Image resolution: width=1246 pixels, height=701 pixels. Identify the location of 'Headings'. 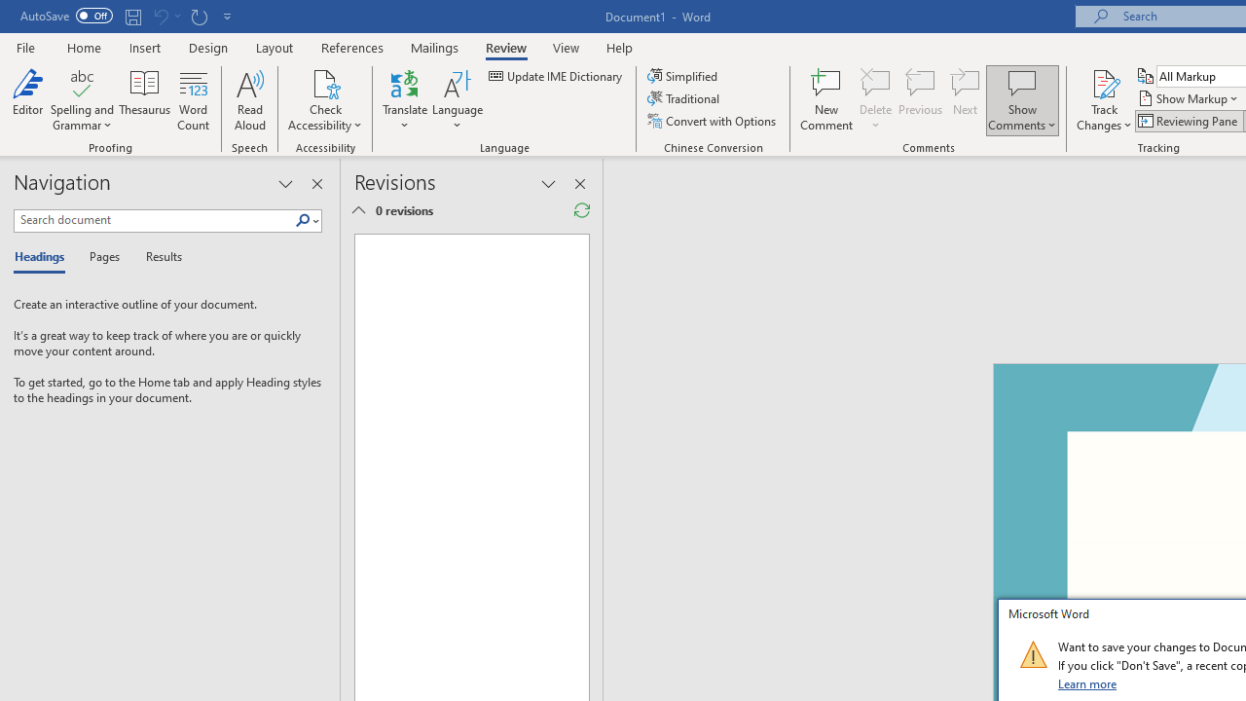
(44, 257).